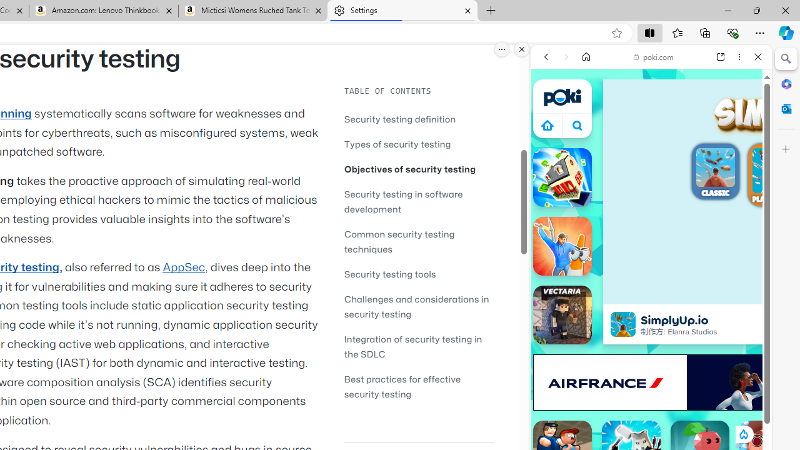 The width and height of the screenshot is (800, 450). What do you see at coordinates (651, 416) in the screenshot?
I see `'Sports Games'` at bounding box center [651, 416].